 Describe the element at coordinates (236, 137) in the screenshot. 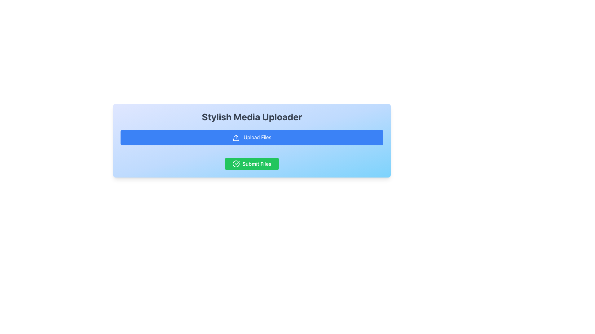

I see `the decorative visual indicator of the 'Upload Files' button, which is positioned on the left side of the button` at that location.